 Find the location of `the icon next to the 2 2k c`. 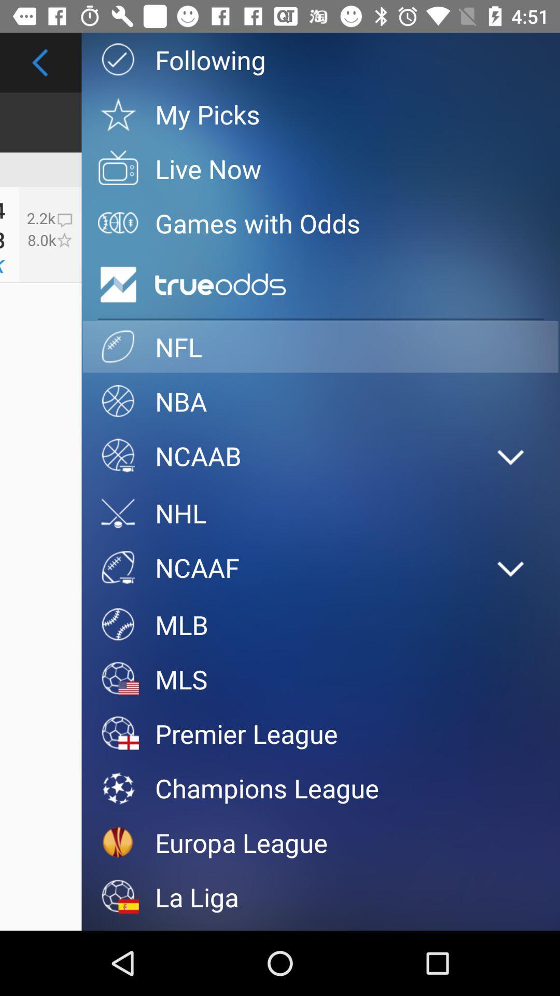

the icon next to the 2 2k c is located at coordinates (320, 223).